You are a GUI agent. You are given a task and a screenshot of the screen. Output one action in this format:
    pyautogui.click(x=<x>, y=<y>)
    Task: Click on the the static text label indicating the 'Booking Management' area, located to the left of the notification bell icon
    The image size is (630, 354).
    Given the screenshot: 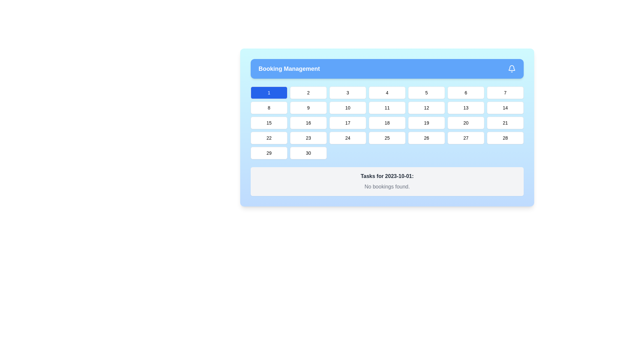 What is the action you would take?
    pyautogui.click(x=289, y=69)
    